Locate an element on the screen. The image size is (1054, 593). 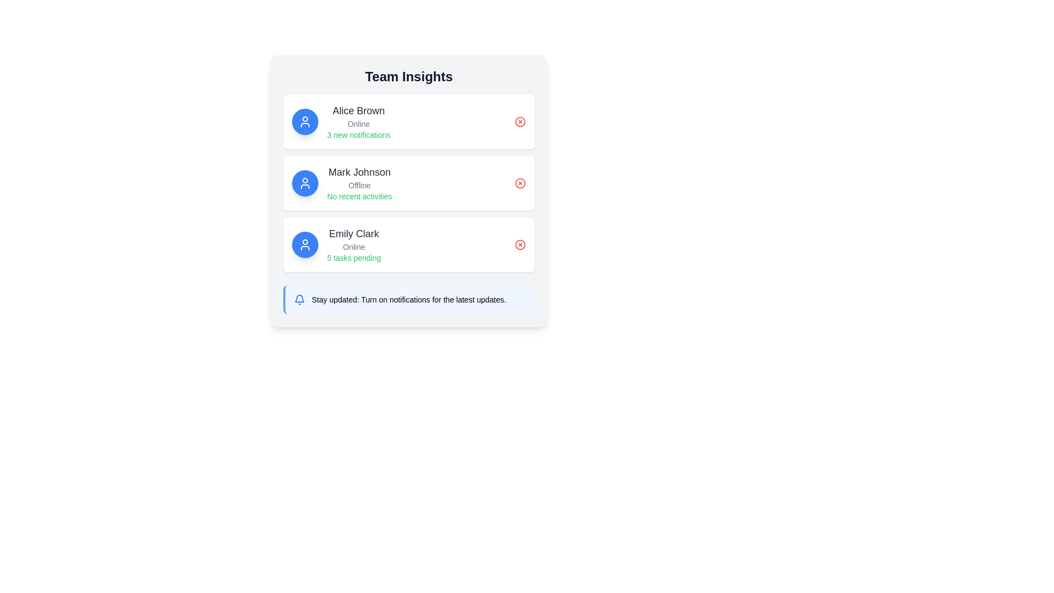
the small circular red icon representing a deletion action, located to the right of the 'Emily Clark' task entry in the bottom-most task entry section under 'Team Insights', to possibly view additional details or a tooltip is located at coordinates (520, 244).